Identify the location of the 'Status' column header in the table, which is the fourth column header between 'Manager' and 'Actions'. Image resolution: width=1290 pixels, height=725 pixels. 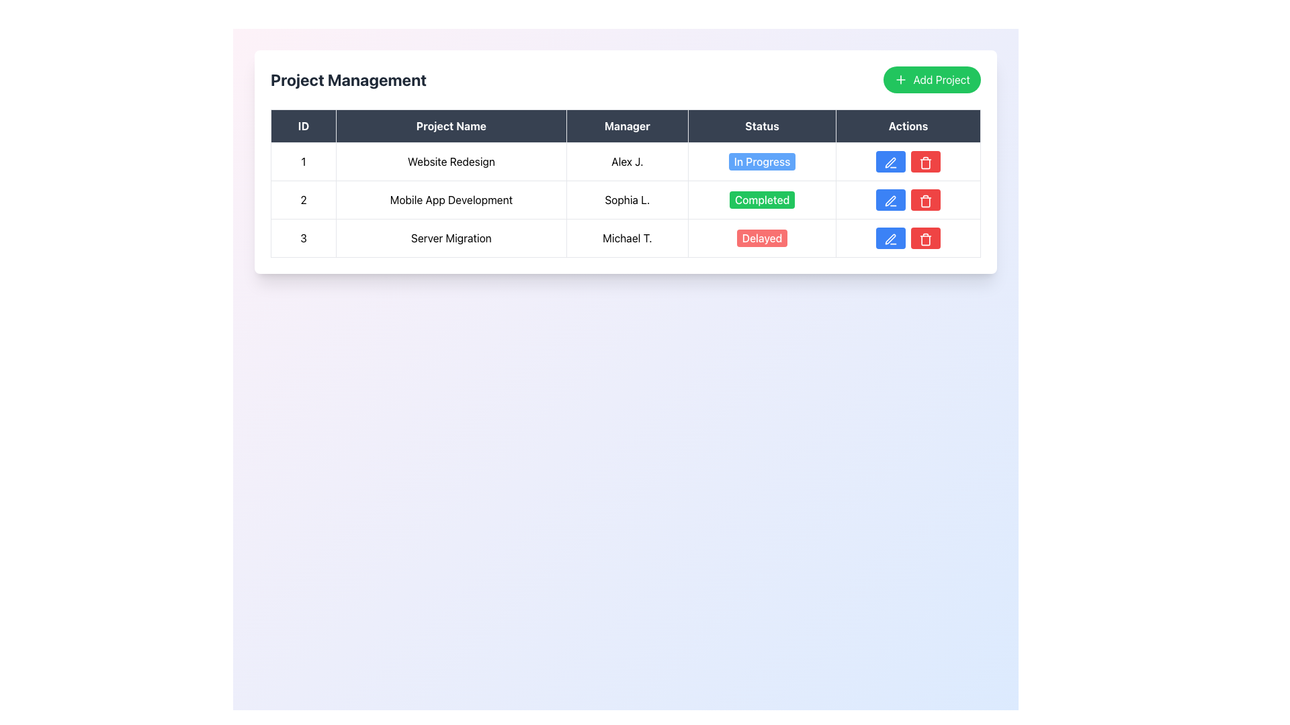
(762, 126).